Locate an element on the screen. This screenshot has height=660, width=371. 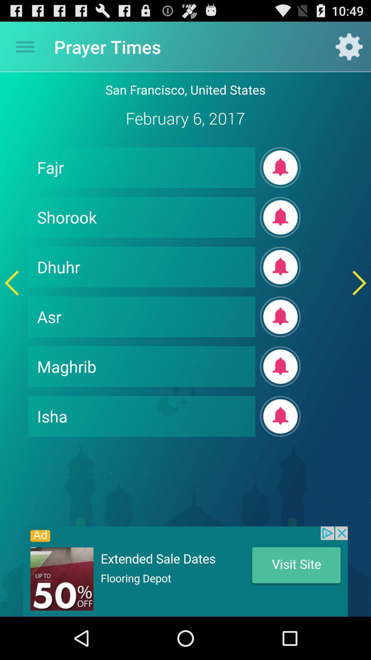
bell icon represents the sound of the asr and it plays that sound is located at coordinates (280, 316).